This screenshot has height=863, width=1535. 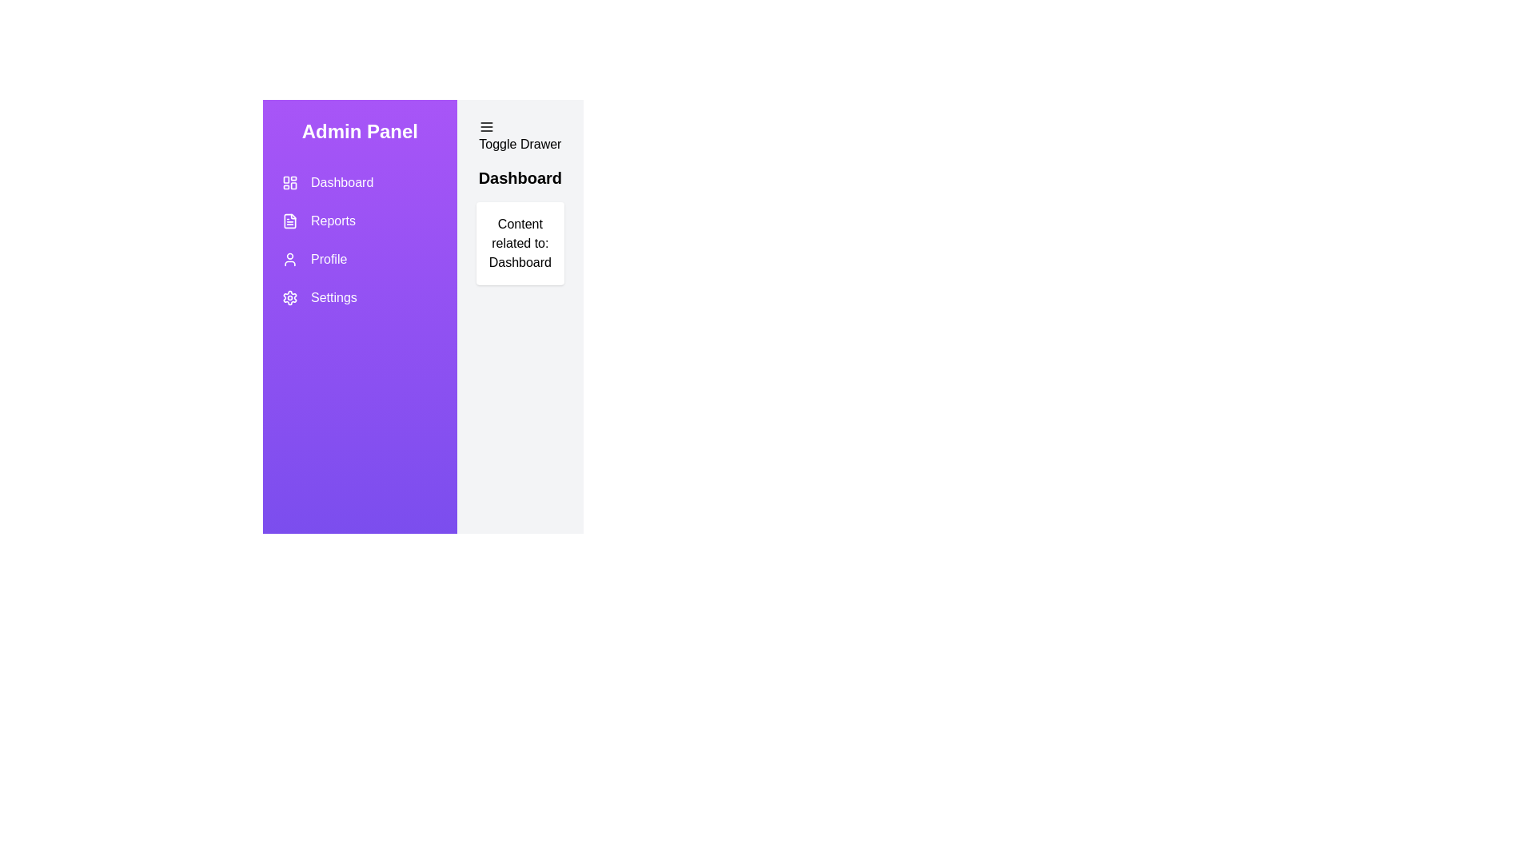 I want to click on the Dashboard section from the navigation menu, so click(x=359, y=181).